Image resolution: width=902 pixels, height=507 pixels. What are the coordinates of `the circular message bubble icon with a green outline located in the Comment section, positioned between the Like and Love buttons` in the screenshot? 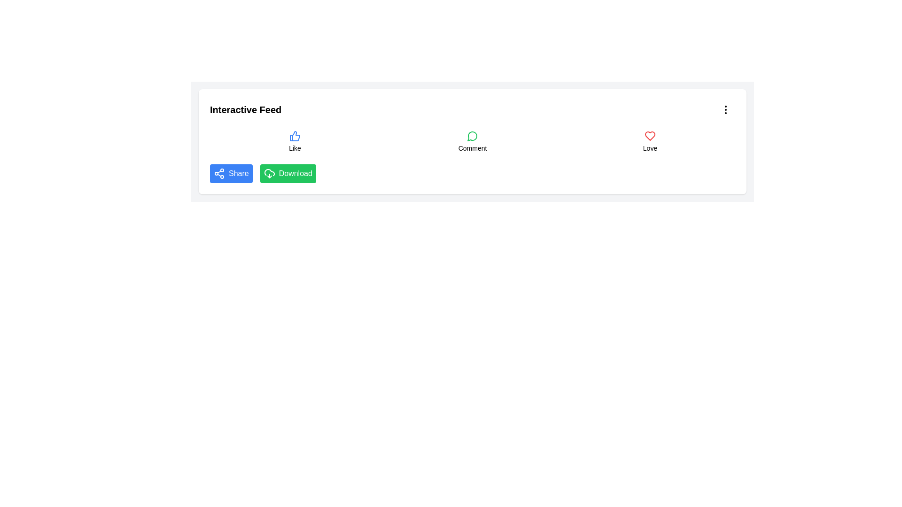 It's located at (473, 136).